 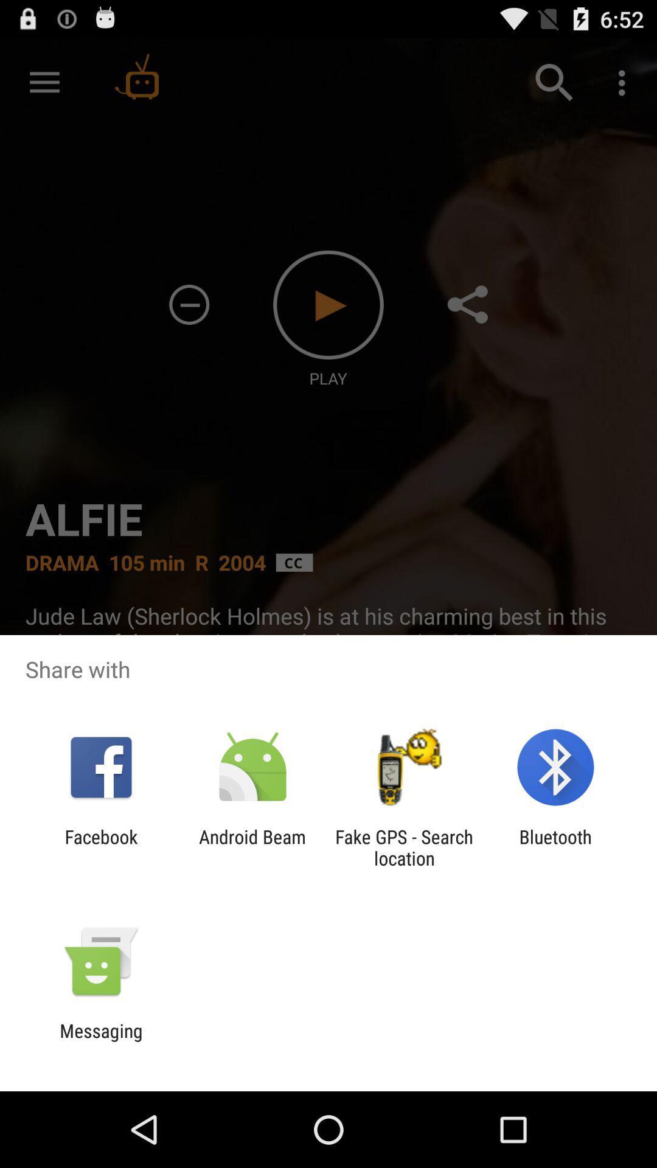 I want to click on app next to the fake gps search, so click(x=252, y=847).